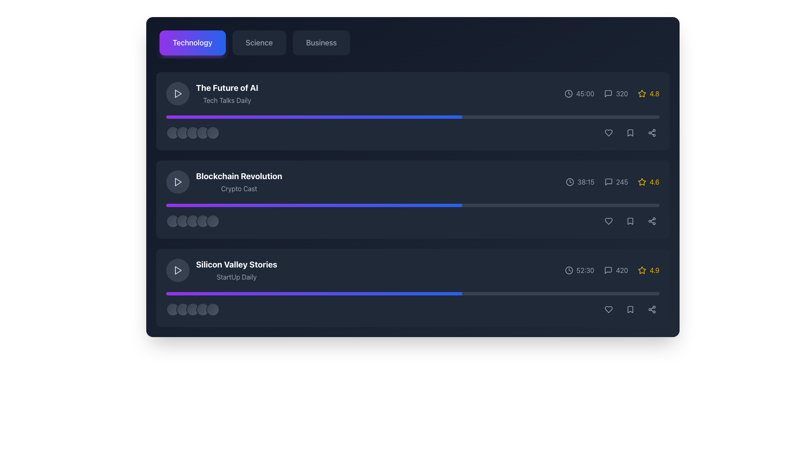 This screenshot has width=800, height=450. Describe the element at coordinates (192, 310) in the screenshot. I see `the third circular indicator in the row of five, located below the progress bar for the 'Silicon Valley Stories' section` at that location.